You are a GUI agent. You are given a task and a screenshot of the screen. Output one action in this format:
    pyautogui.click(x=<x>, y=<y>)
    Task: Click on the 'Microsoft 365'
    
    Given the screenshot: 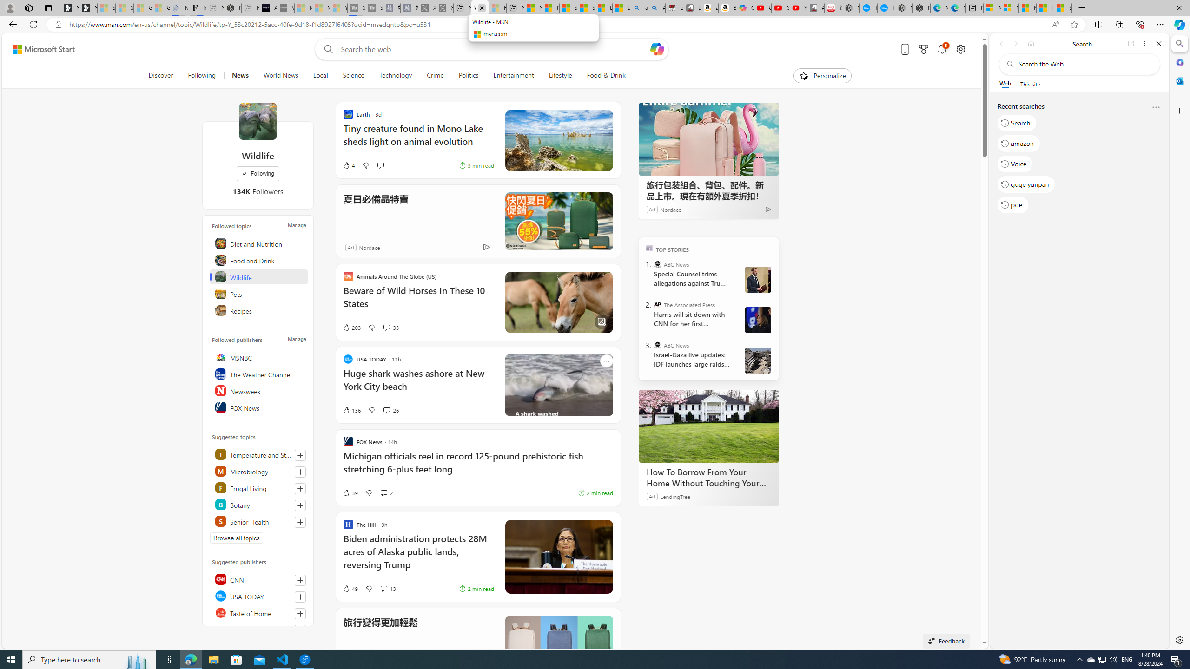 What is the action you would take?
    pyautogui.click(x=1178, y=62)
    